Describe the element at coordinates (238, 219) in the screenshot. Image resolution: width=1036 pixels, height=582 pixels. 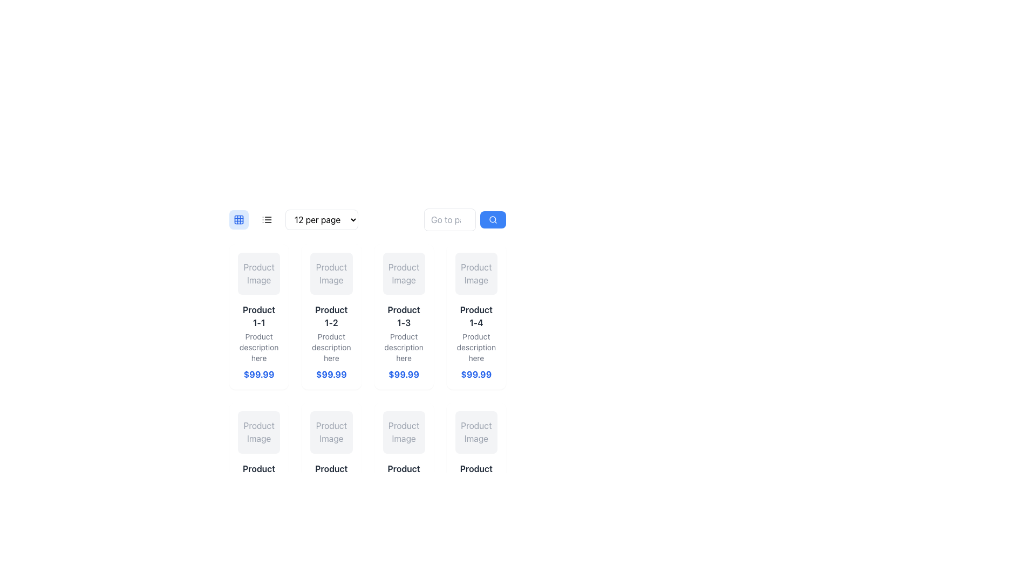
I see `the view mode selector button located at the top-left of the horizontal toolbar` at that location.